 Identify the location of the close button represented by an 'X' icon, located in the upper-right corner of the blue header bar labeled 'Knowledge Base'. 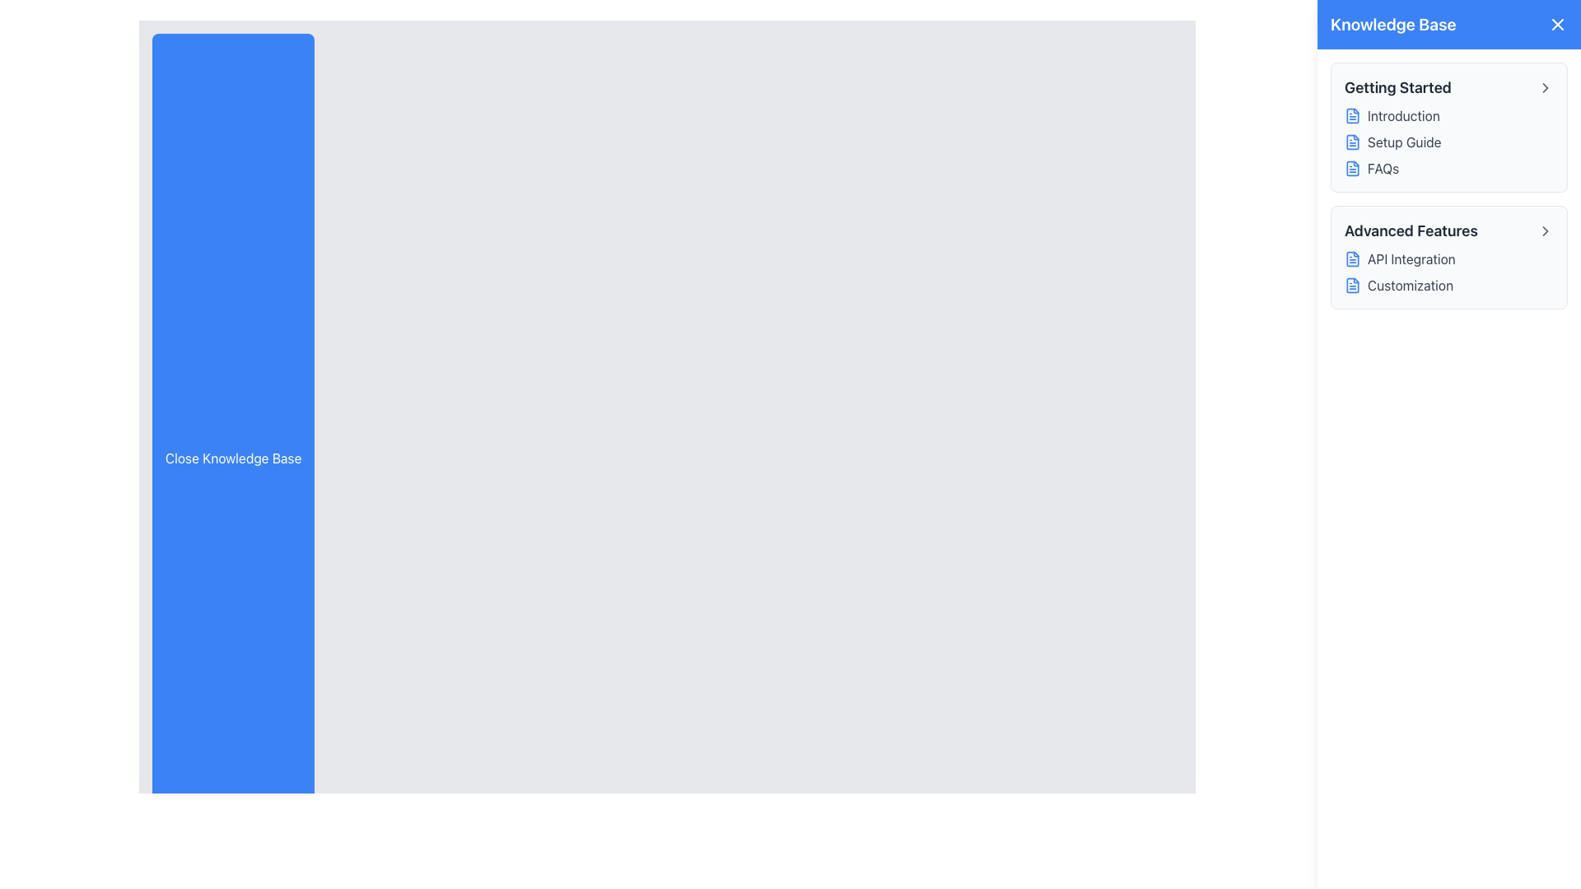
(1556, 25).